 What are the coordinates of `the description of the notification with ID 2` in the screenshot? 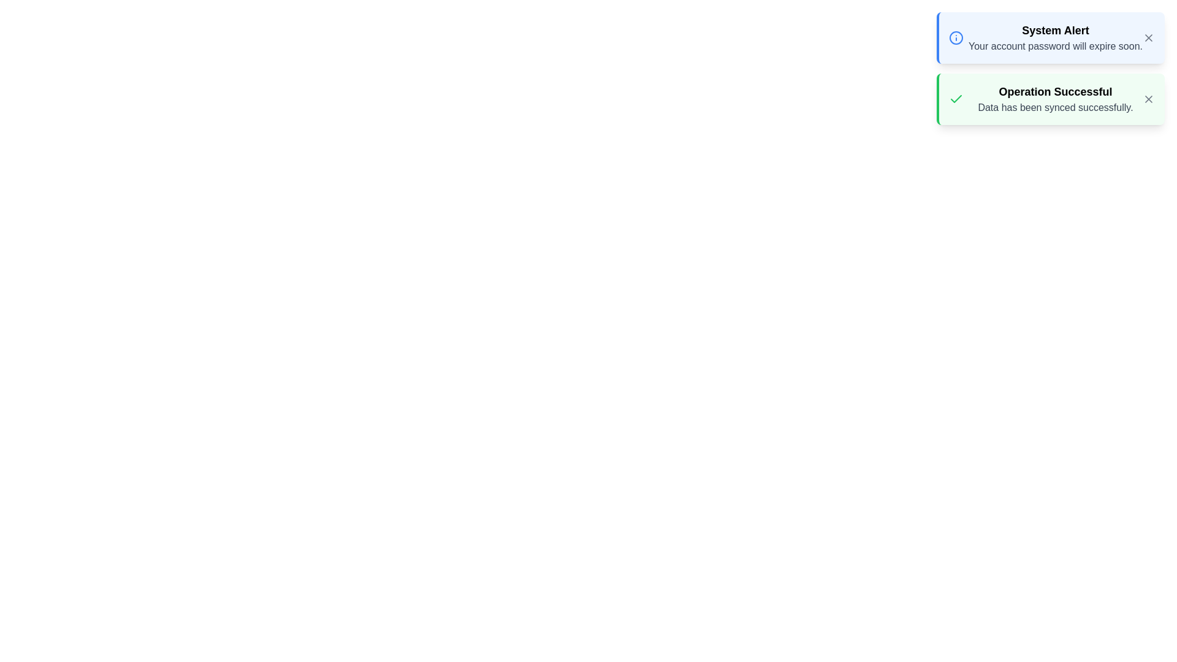 It's located at (1055, 99).